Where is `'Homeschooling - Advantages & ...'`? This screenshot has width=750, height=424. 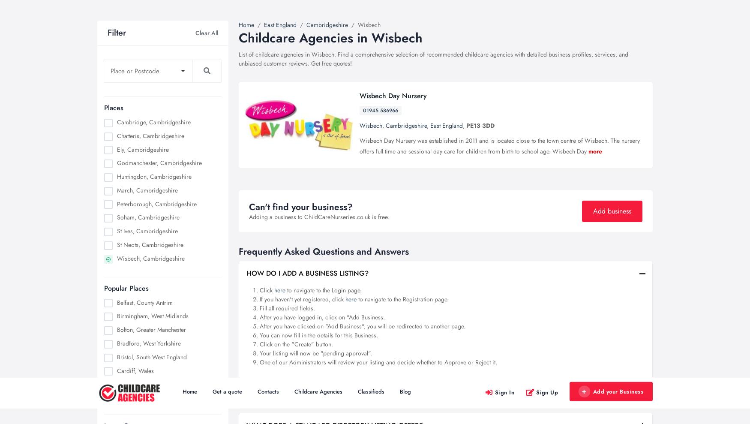 'Homeschooling - Advantages & ...' is located at coordinates (177, 354).